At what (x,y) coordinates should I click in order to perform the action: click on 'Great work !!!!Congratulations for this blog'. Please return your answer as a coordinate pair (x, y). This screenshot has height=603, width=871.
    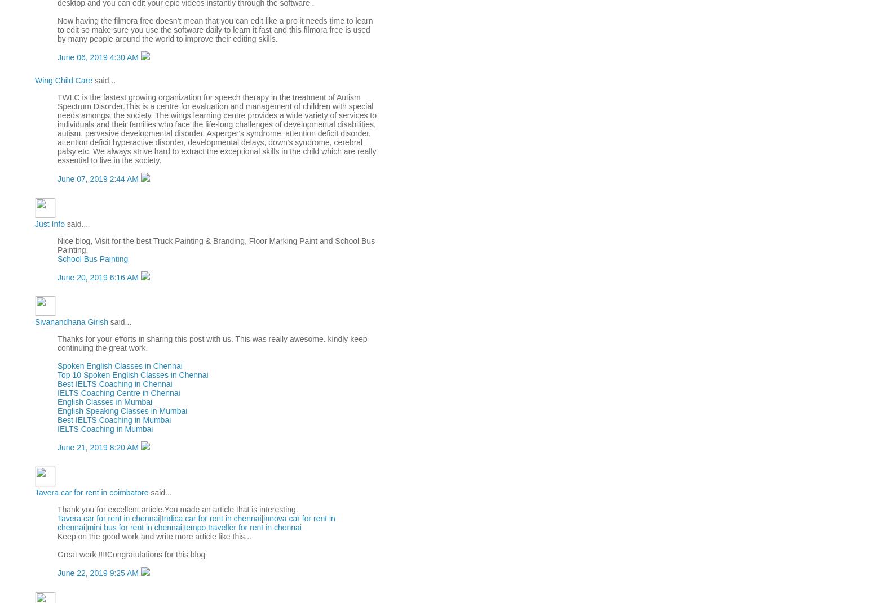
    Looking at the image, I should click on (56, 553).